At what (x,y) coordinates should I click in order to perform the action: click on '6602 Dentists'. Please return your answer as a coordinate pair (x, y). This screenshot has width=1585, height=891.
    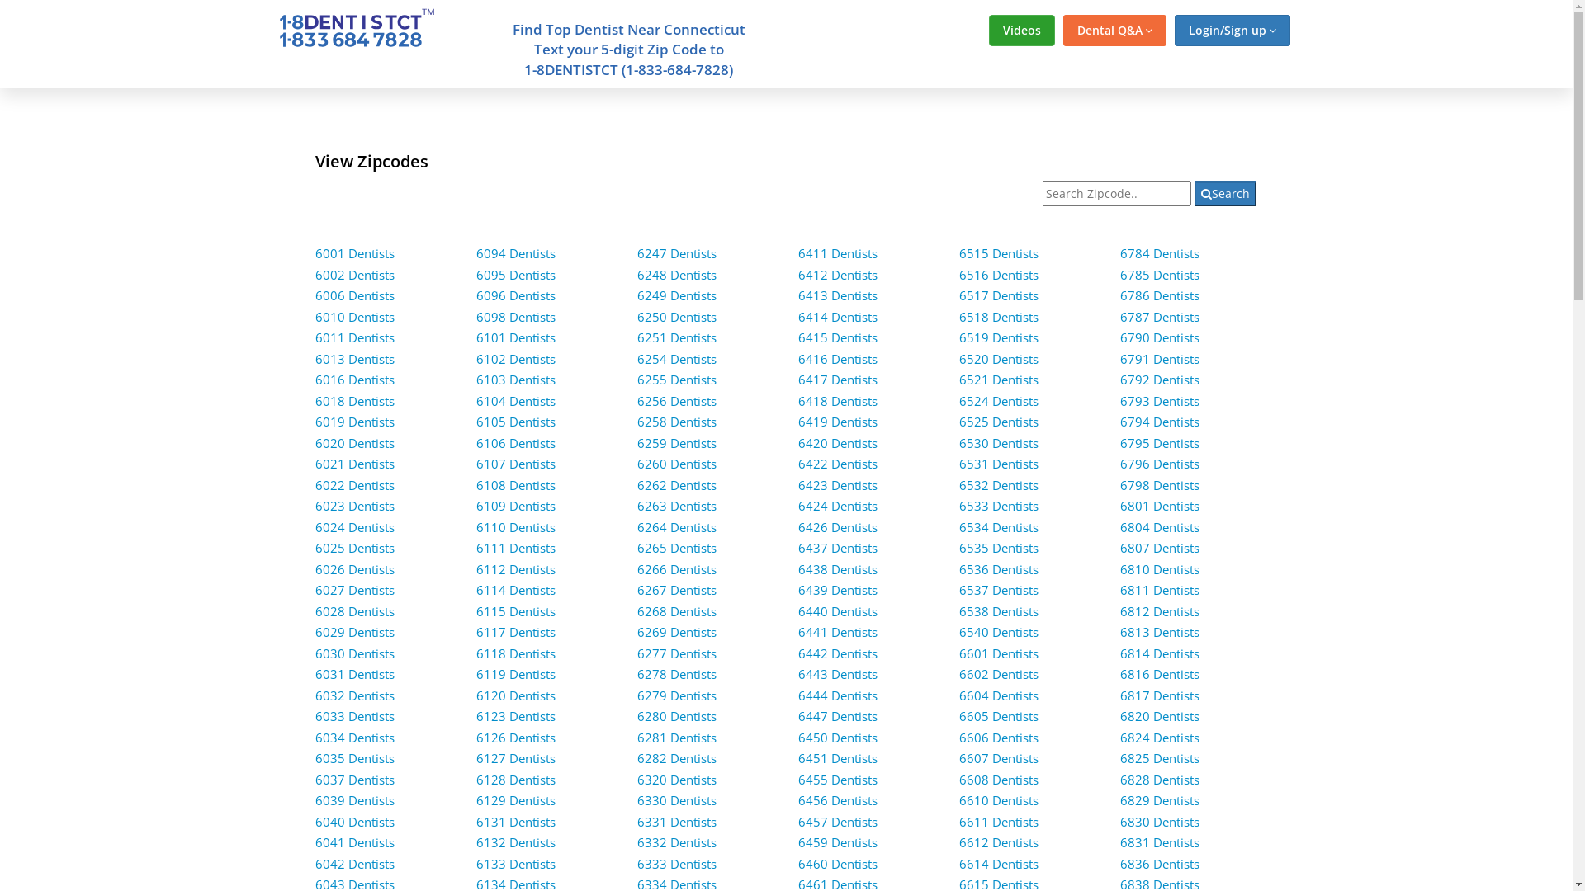
    Looking at the image, I should click on (997, 674).